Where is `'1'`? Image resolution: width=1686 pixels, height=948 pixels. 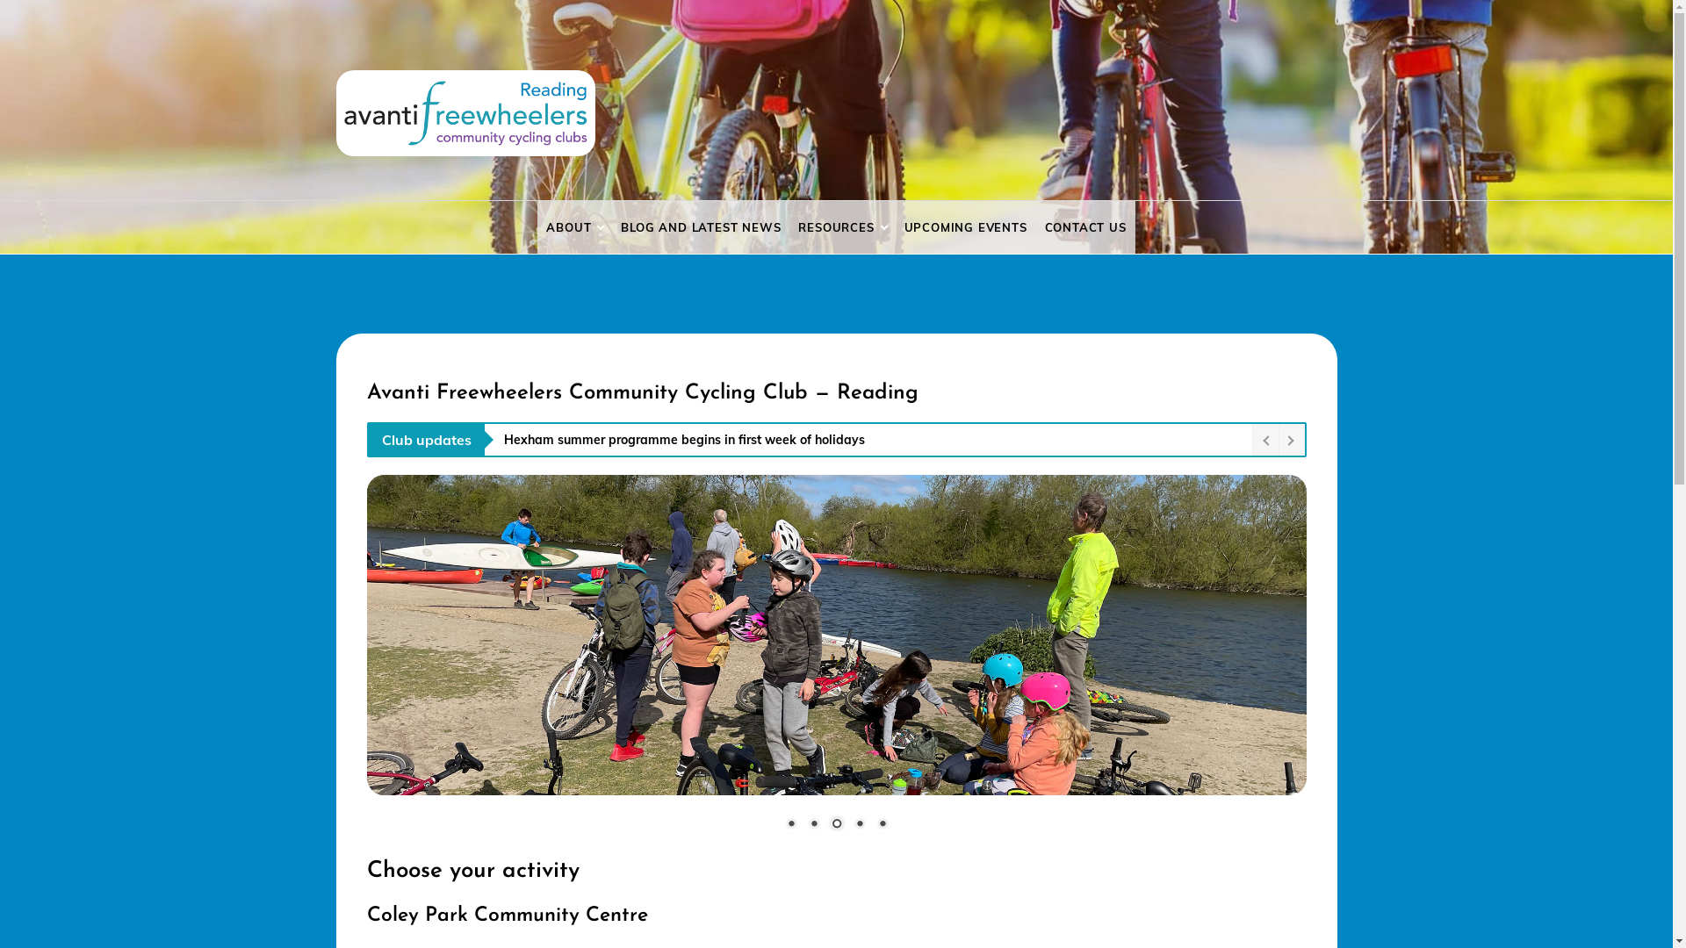
'1' is located at coordinates (780, 825).